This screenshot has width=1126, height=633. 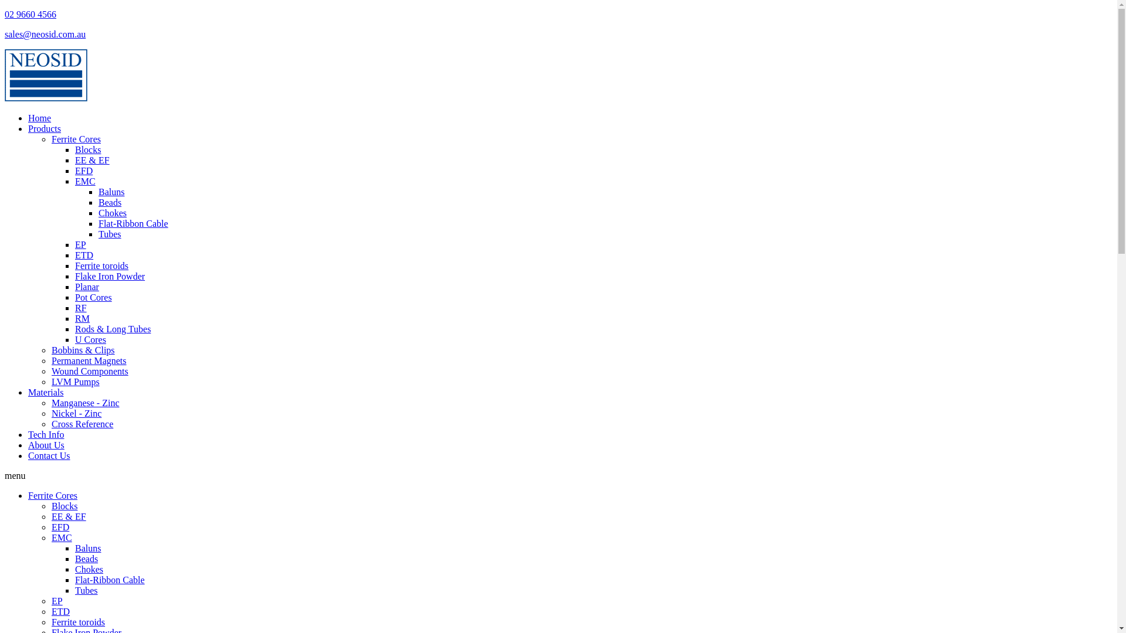 I want to click on 'Flake Iron Powder', so click(x=110, y=276).